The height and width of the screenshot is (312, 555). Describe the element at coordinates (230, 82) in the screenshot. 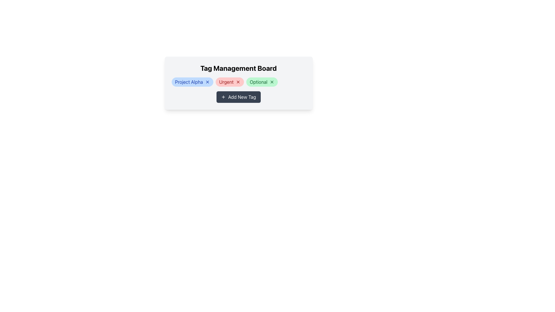

I see `the rounded rectangular tag labeled 'Urgent', which has a light red background and dark red text, positioned between 'Project Alpha' and 'Optional'` at that location.